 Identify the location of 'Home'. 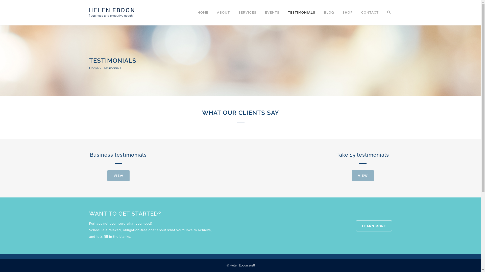
(93, 68).